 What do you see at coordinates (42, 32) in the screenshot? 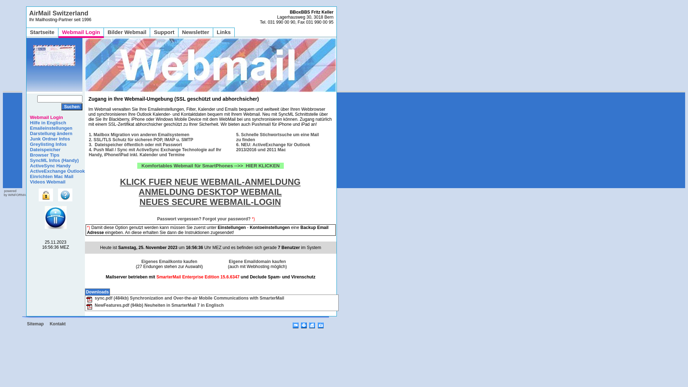
I see `'Startseite'` at bounding box center [42, 32].